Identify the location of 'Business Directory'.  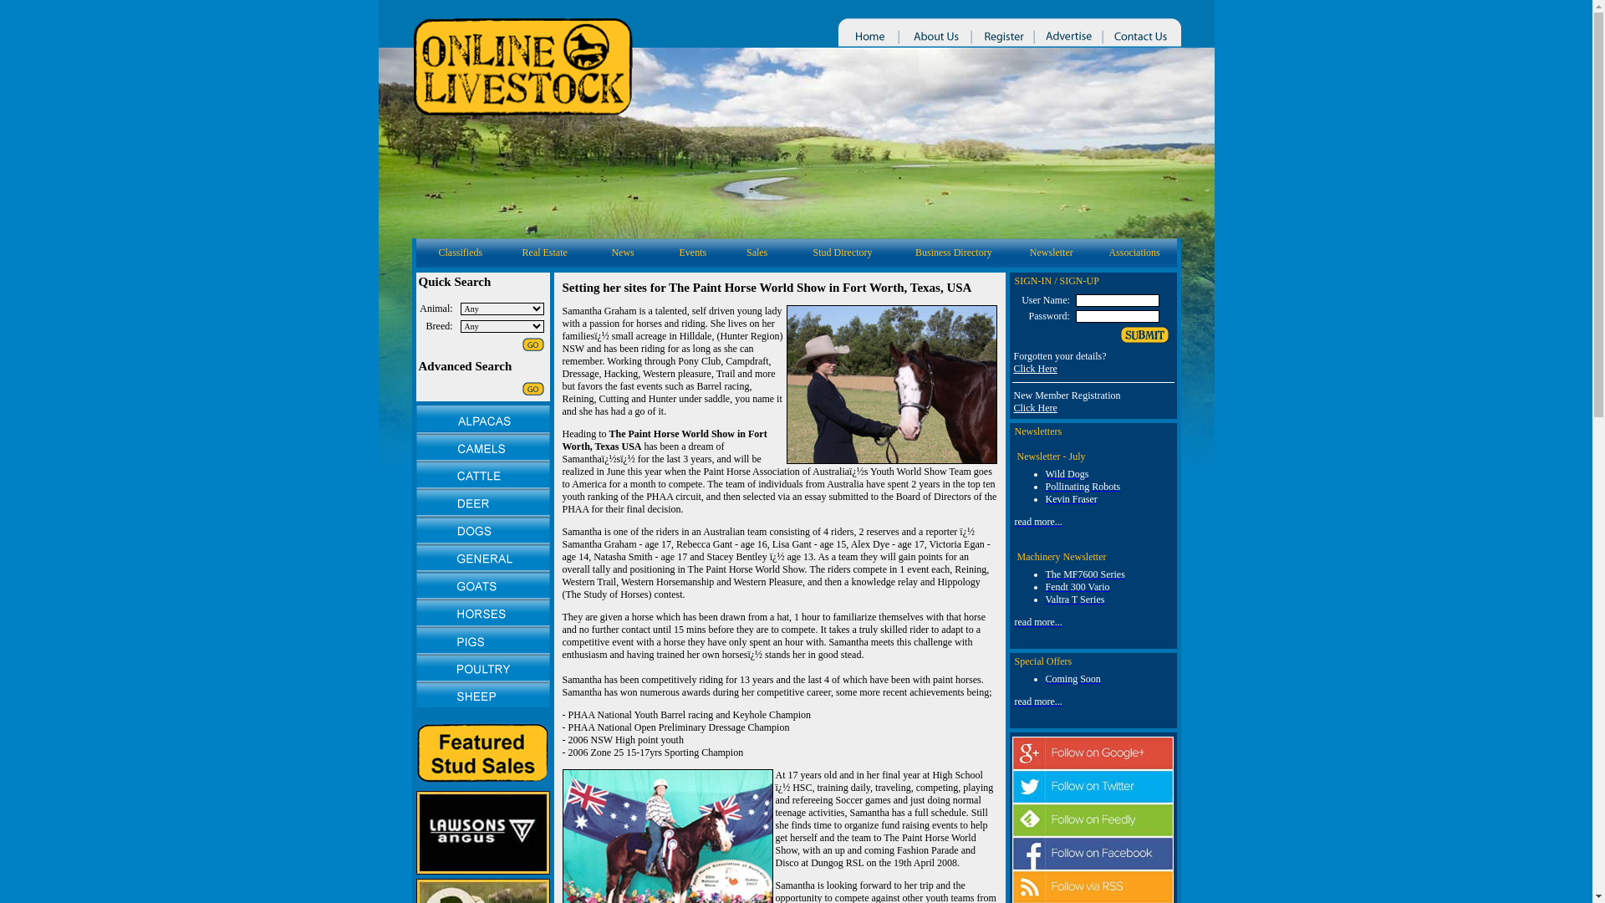
(914, 252).